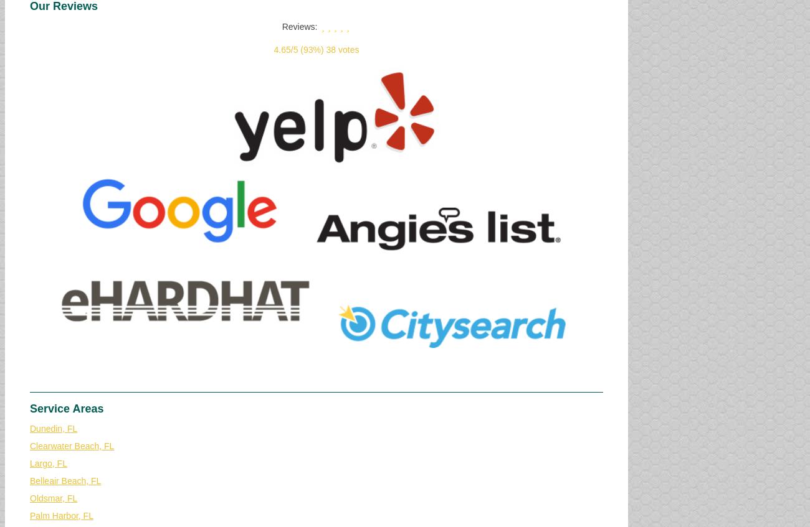 This screenshot has height=527, width=810. Describe the element at coordinates (312, 50) in the screenshot. I see `'(93%)'` at that location.